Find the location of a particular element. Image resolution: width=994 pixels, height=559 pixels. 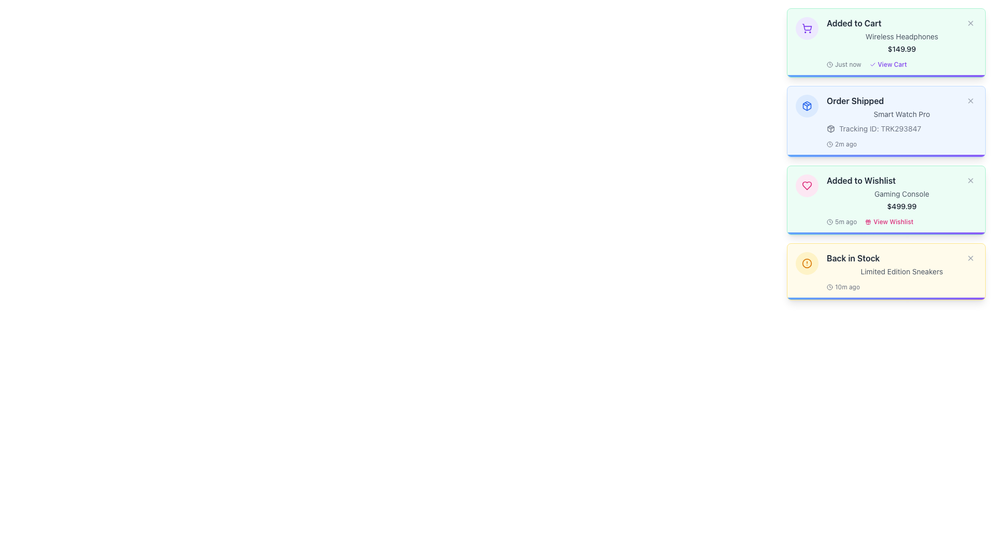

the decorative image or icon representing a shipped order, located in the 'Order Shipped' notification block above the text 'Smart Watch Pro' is located at coordinates (807, 106).